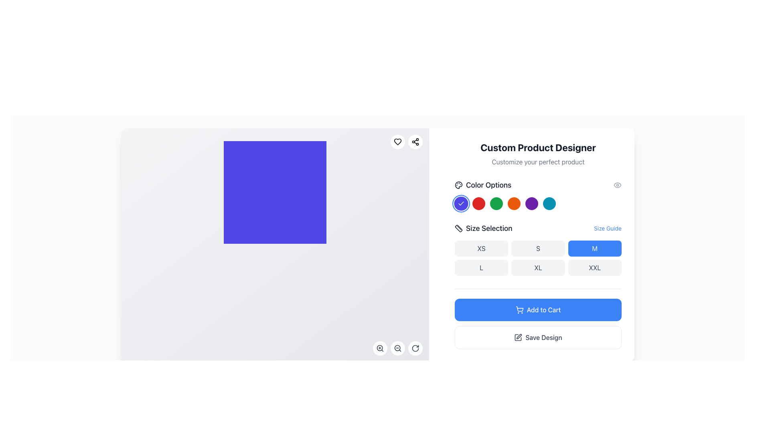 The width and height of the screenshot is (770, 433). I want to click on the text label with an icon that indicates users can choose color options below it, located on the right panel under 'Custom Product Designer', so click(482, 185).